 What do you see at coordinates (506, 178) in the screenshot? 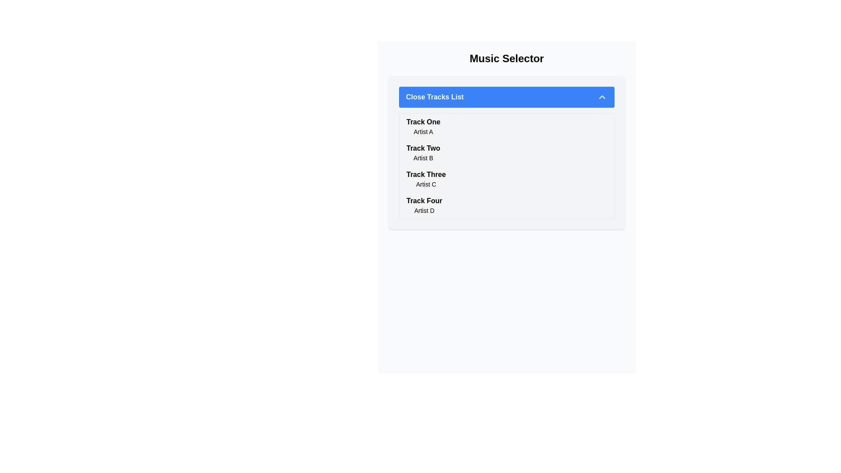
I see `the list item titled 'Track Three' with subtext 'Artist C'` at bounding box center [506, 178].